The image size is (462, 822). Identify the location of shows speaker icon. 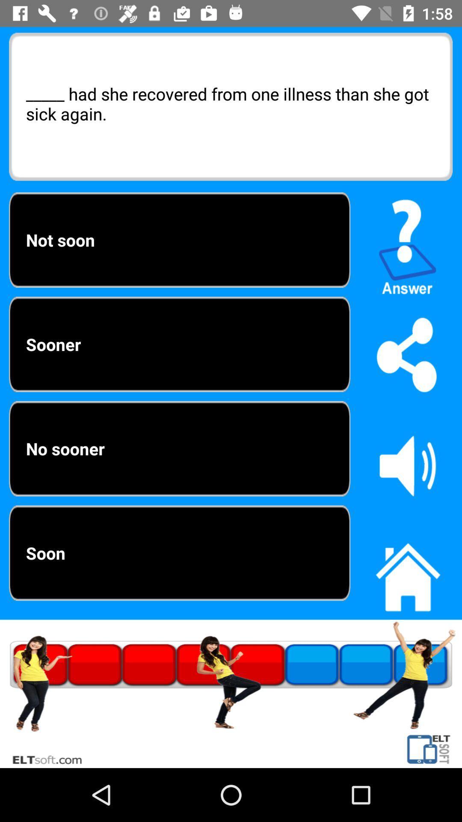
(407, 465).